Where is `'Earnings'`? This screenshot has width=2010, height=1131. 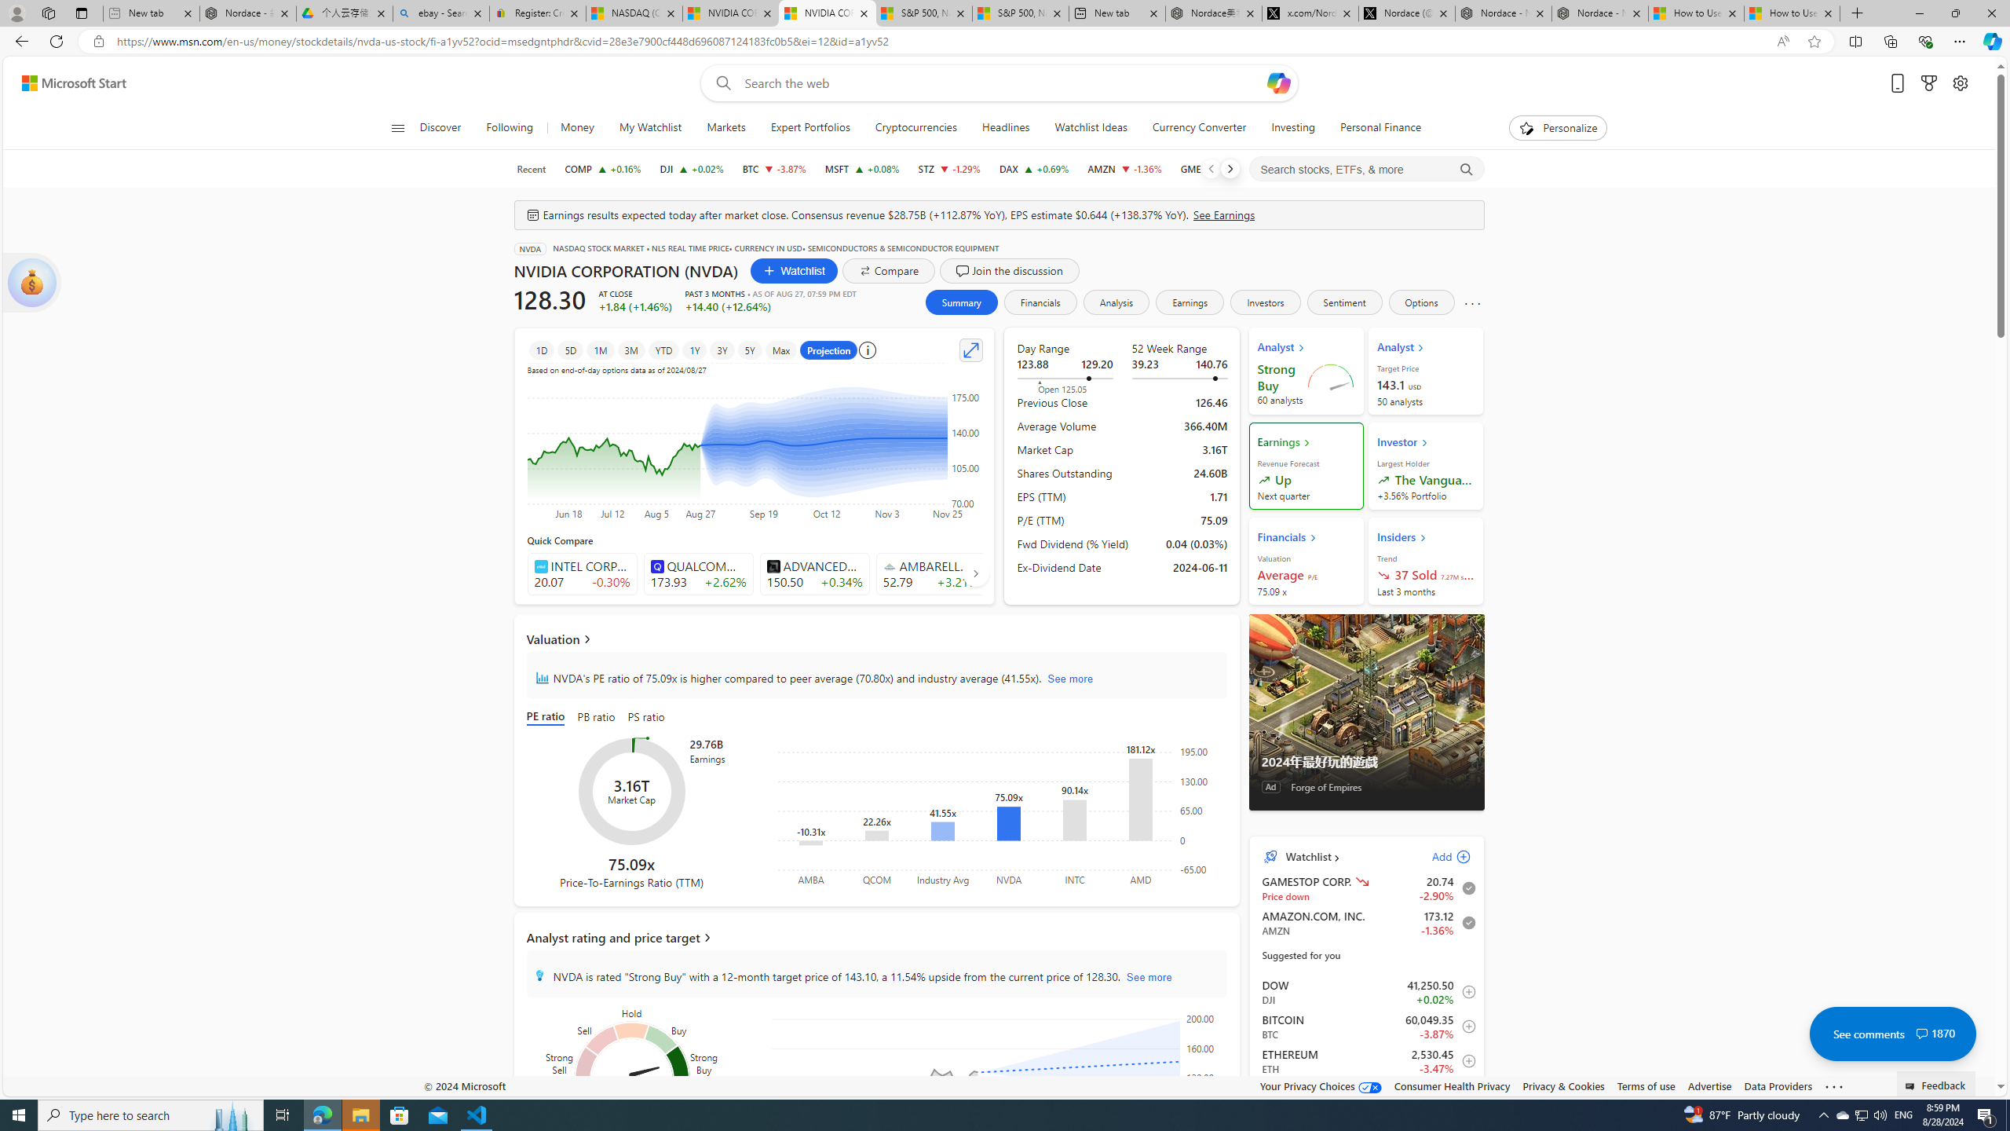 'Earnings' is located at coordinates (1190, 301).